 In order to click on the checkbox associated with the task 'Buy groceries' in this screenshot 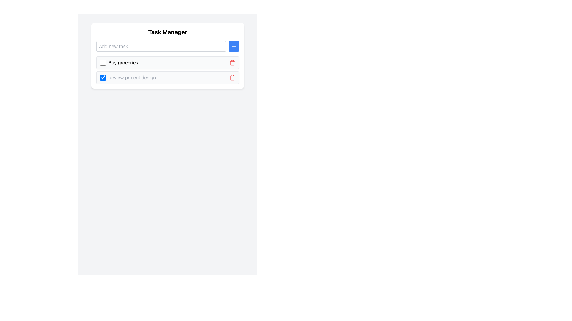, I will do `click(103, 63)`.